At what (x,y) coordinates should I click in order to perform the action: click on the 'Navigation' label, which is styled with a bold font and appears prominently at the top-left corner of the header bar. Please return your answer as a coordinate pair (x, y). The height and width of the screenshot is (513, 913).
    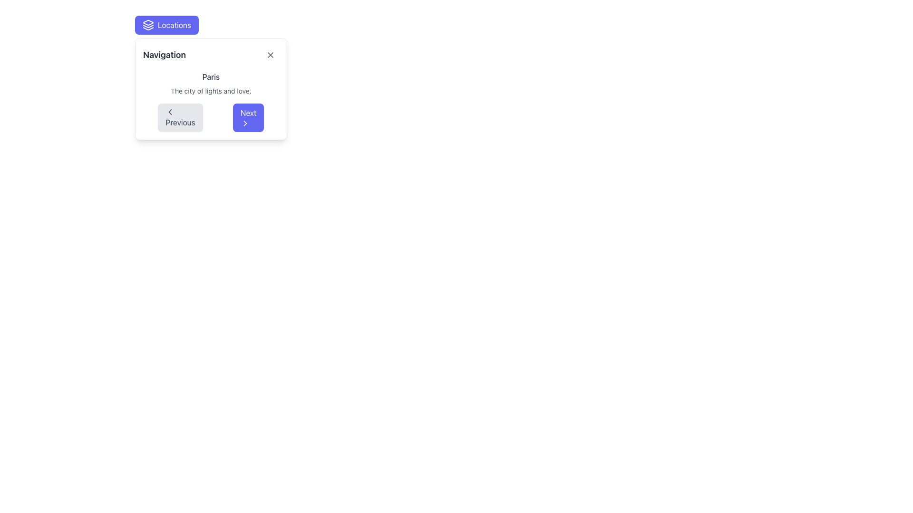
    Looking at the image, I should click on (164, 55).